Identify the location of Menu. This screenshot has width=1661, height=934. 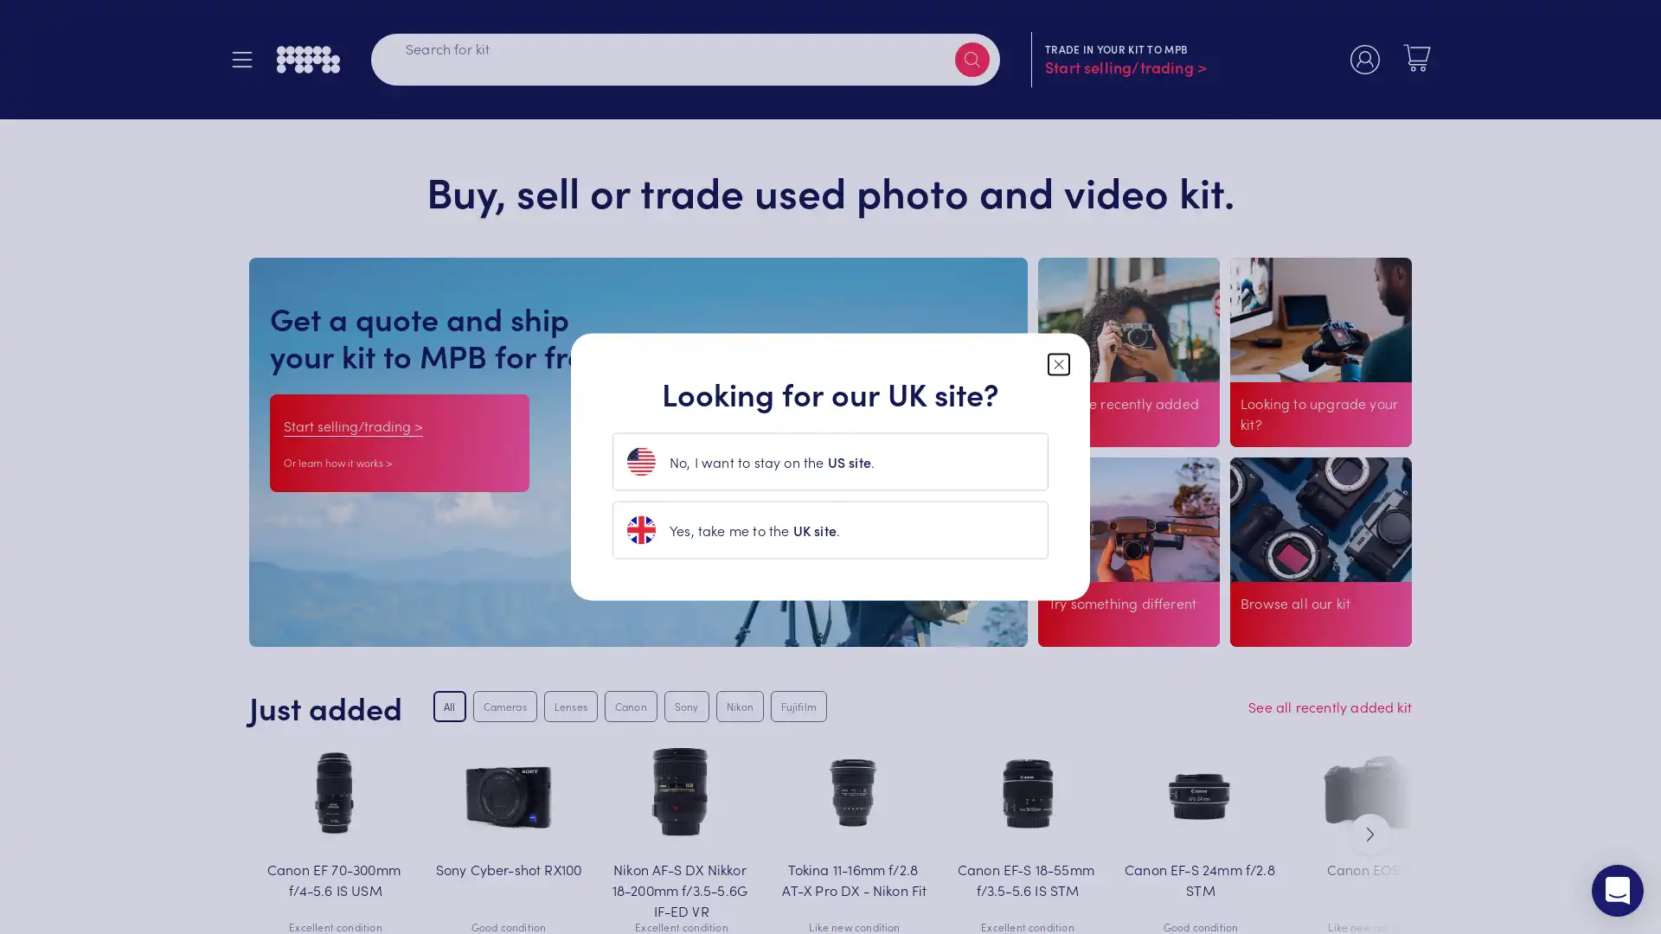
(248, 61).